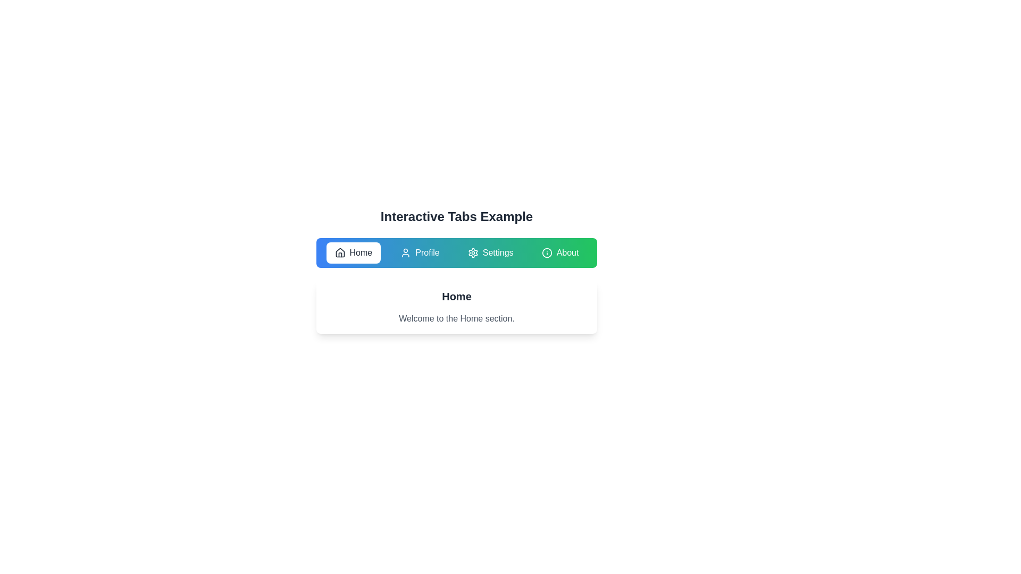  Describe the element at coordinates (490, 252) in the screenshot. I see `the Settings tab to navigate to its section` at that location.